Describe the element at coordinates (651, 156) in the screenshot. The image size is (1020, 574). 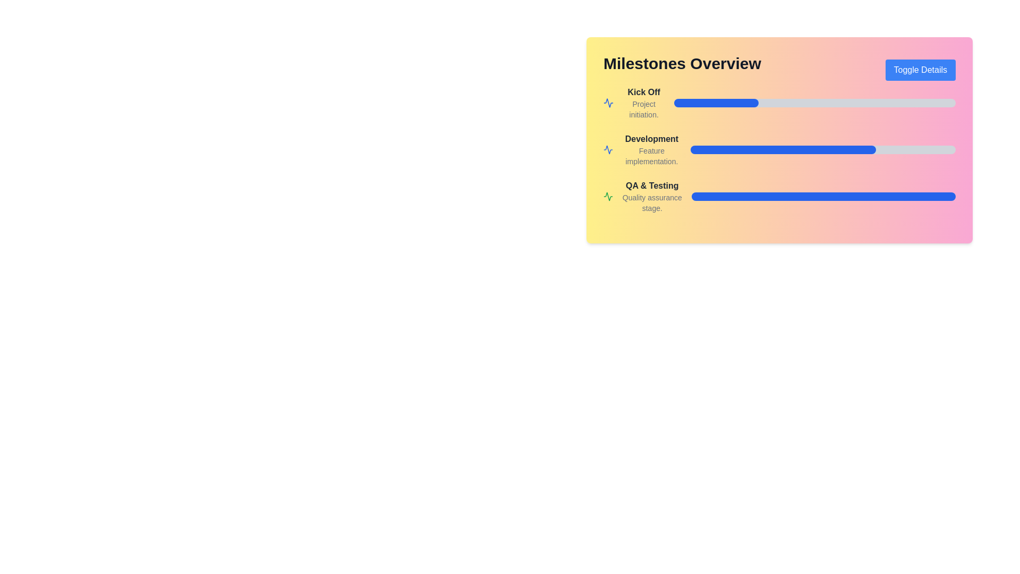
I see `the text label displaying 'Feature implementation.' which is styled in a smaller, subdued gray font and positioned below the bolded title 'Development' in the 'Milestones Overview' section` at that location.